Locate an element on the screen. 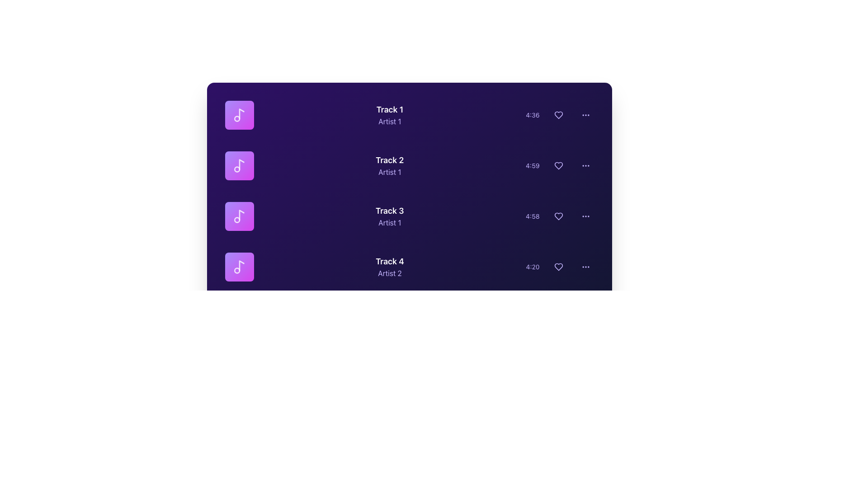 The image size is (868, 488). text label displaying '4:20', which is a small violet font located to the right of 'Track 4' in the bottom row of the list is located at coordinates (533, 266).